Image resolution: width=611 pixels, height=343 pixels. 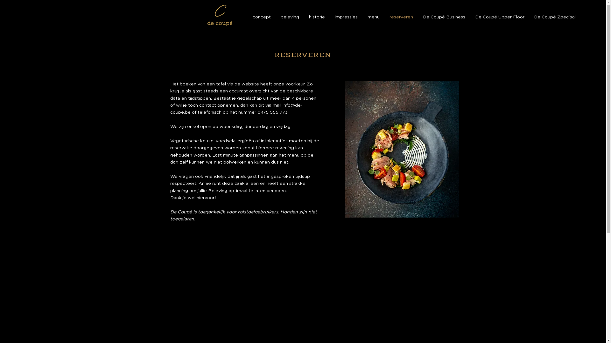 What do you see at coordinates (317, 17) in the screenshot?
I see `'historie'` at bounding box center [317, 17].